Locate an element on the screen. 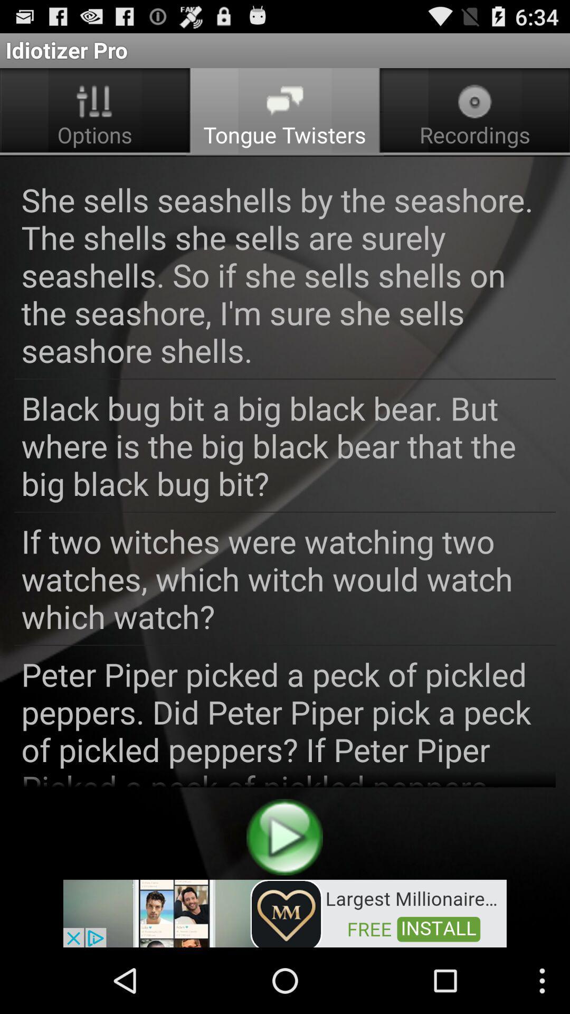 This screenshot has width=570, height=1014. next is located at coordinates (284, 837).